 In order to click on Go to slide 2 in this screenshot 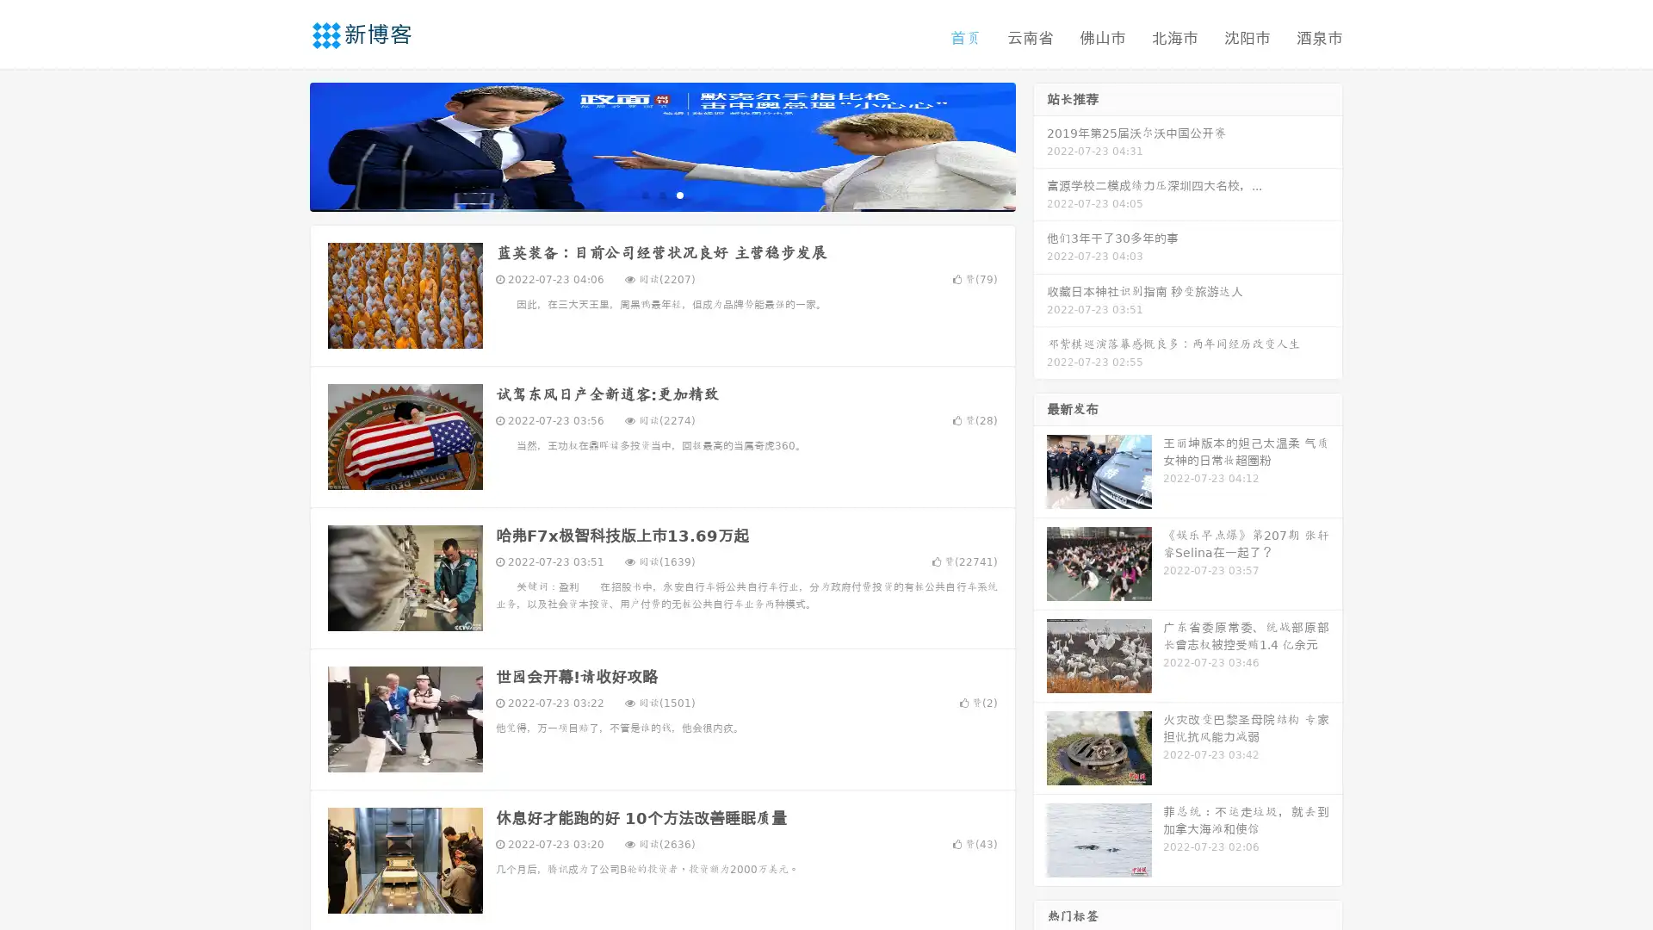, I will do `click(661, 194)`.